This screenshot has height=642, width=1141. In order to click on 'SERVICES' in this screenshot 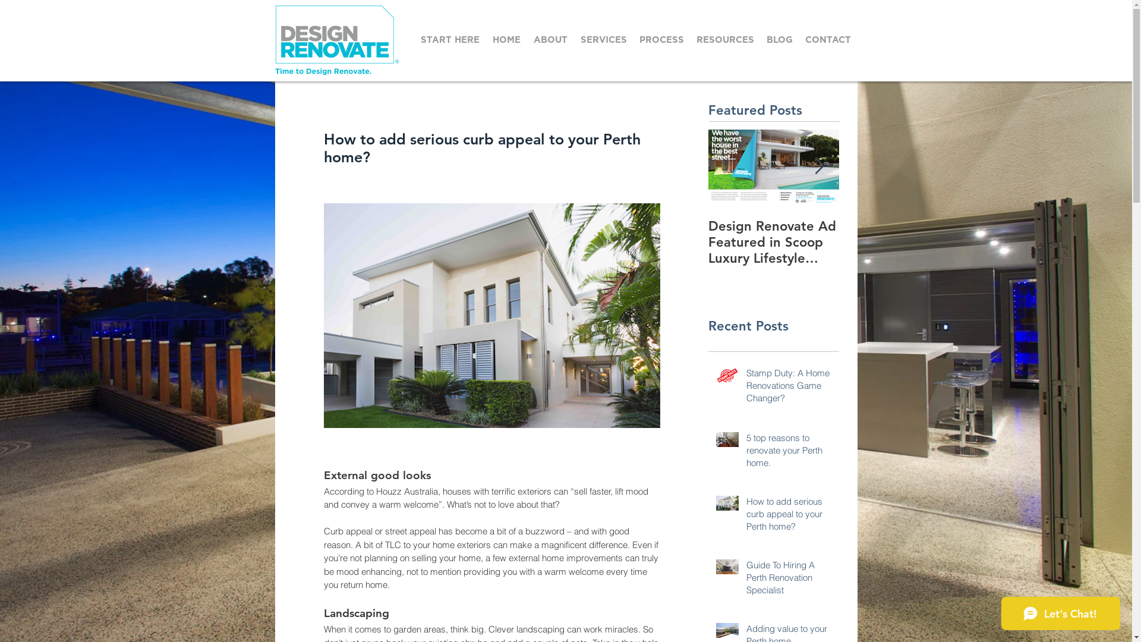, I will do `click(603, 39)`.